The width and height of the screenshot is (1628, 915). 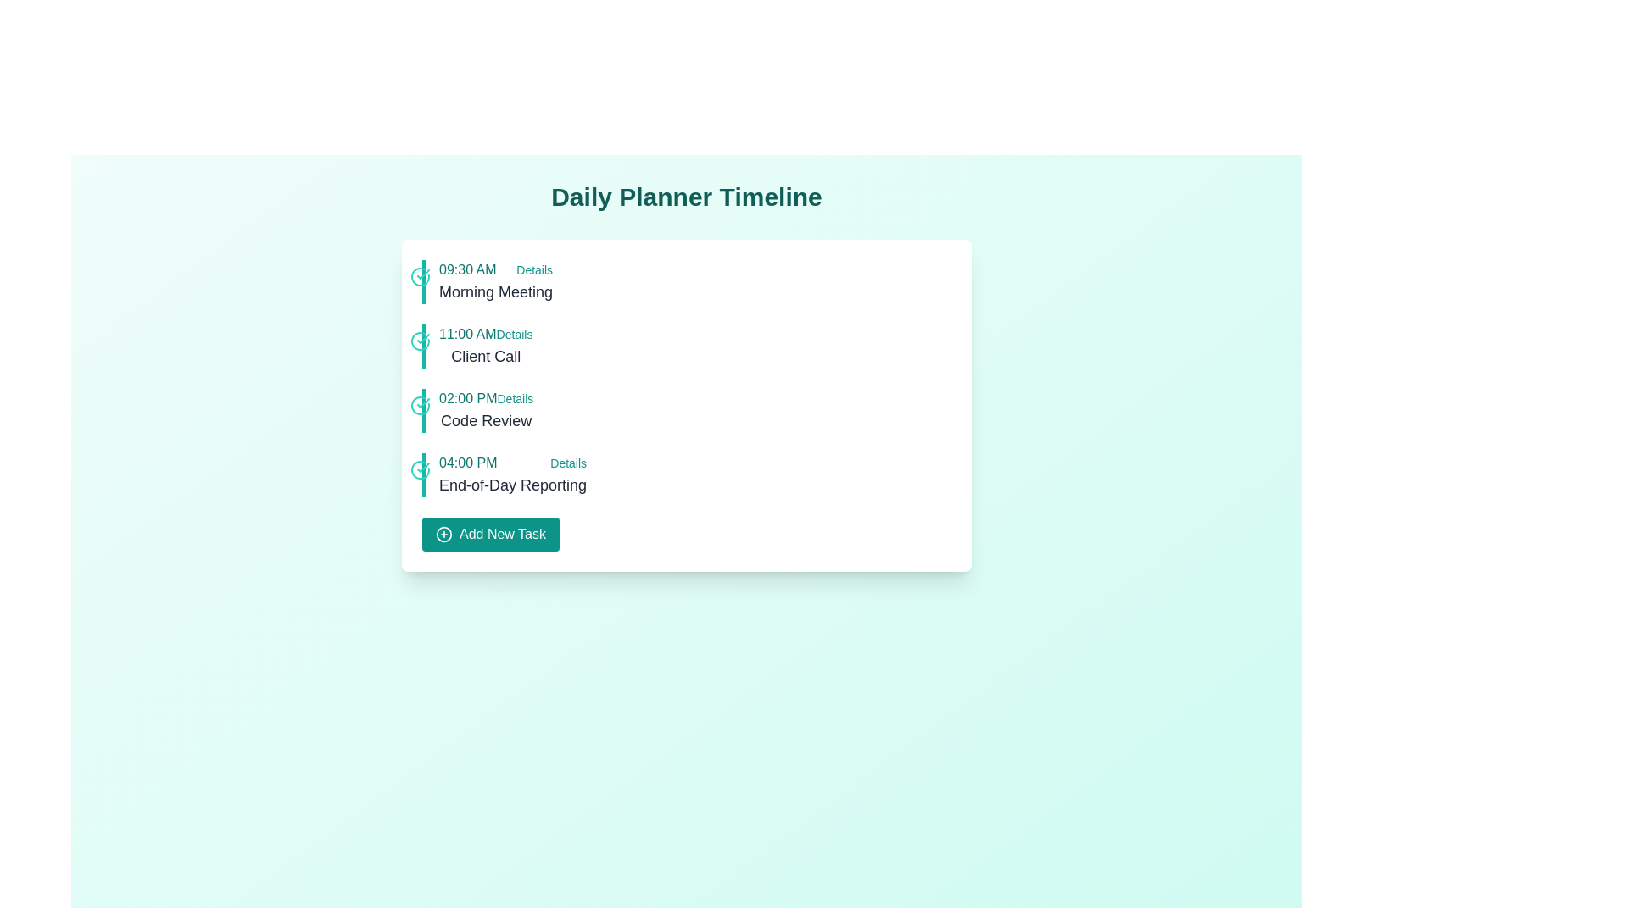 I want to click on the teal check mark icon within its circular frame, which indicates completed status, located to the left of the '04:00 PM End-of-Day Reporting' timeline entry, so click(x=423, y=467).